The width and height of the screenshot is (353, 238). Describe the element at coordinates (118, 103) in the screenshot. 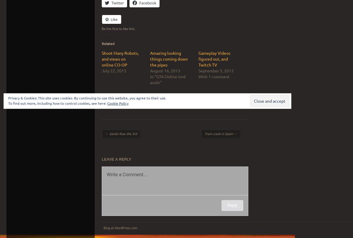

I see `'Cookie Policy'` at that location.